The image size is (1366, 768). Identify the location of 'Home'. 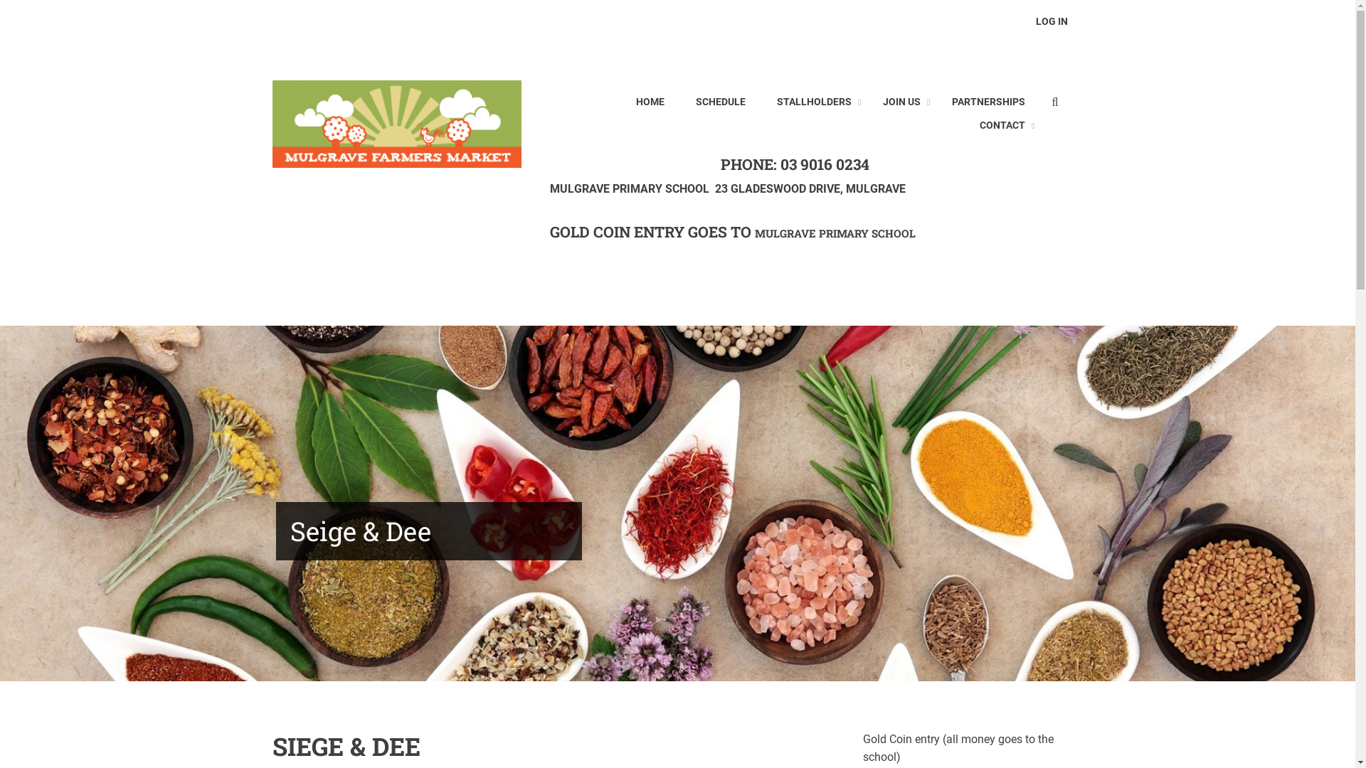
(396, 122).